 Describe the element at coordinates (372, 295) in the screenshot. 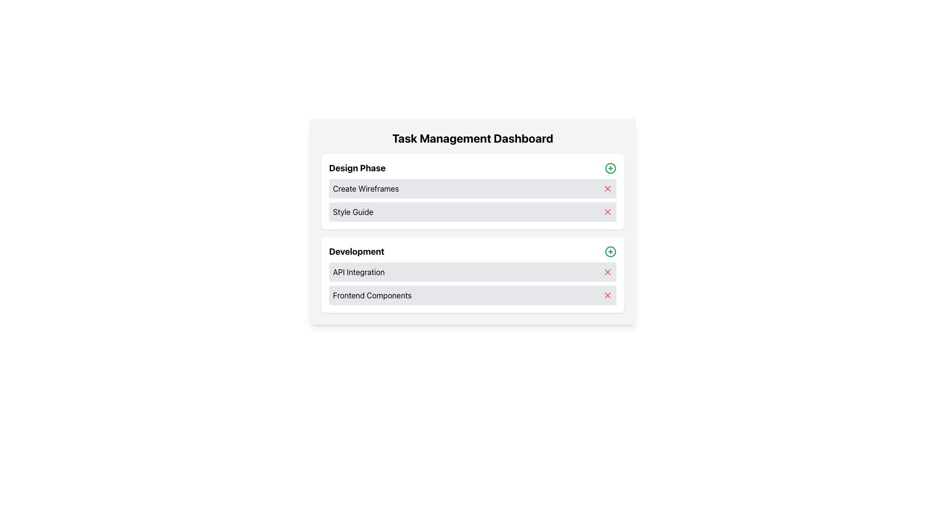

I see `the Text Label that names the task 'Frontend Components', located within the 'Development' section of the task management interface, to the left of the 'X' icon` at that location.